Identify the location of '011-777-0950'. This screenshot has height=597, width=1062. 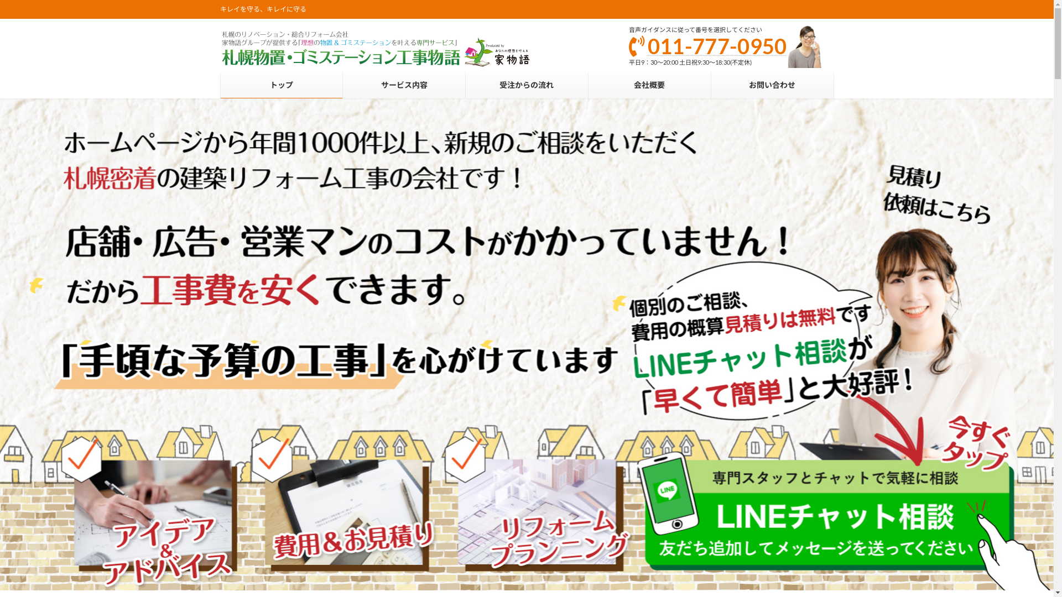
(717, 45).